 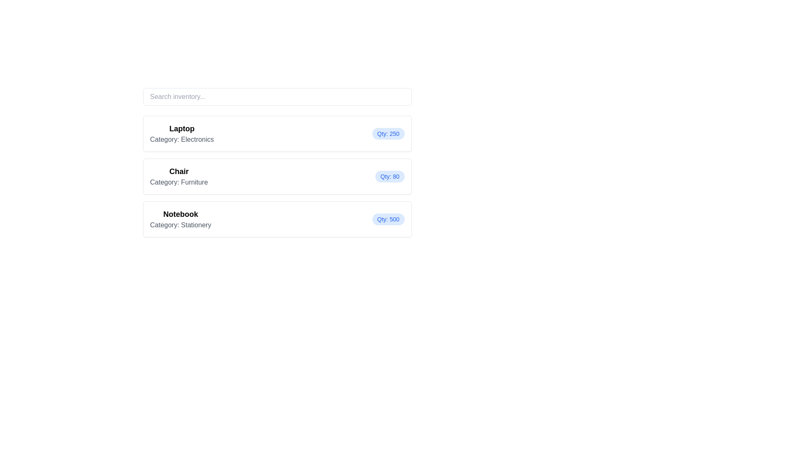 I want to click on the second card element, so click(x=277, y=163).